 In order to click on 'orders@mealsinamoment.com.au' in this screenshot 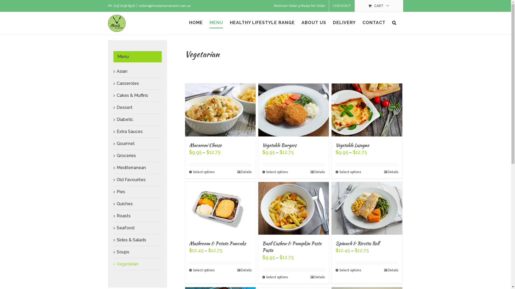, I will do `click(164, 6)`.